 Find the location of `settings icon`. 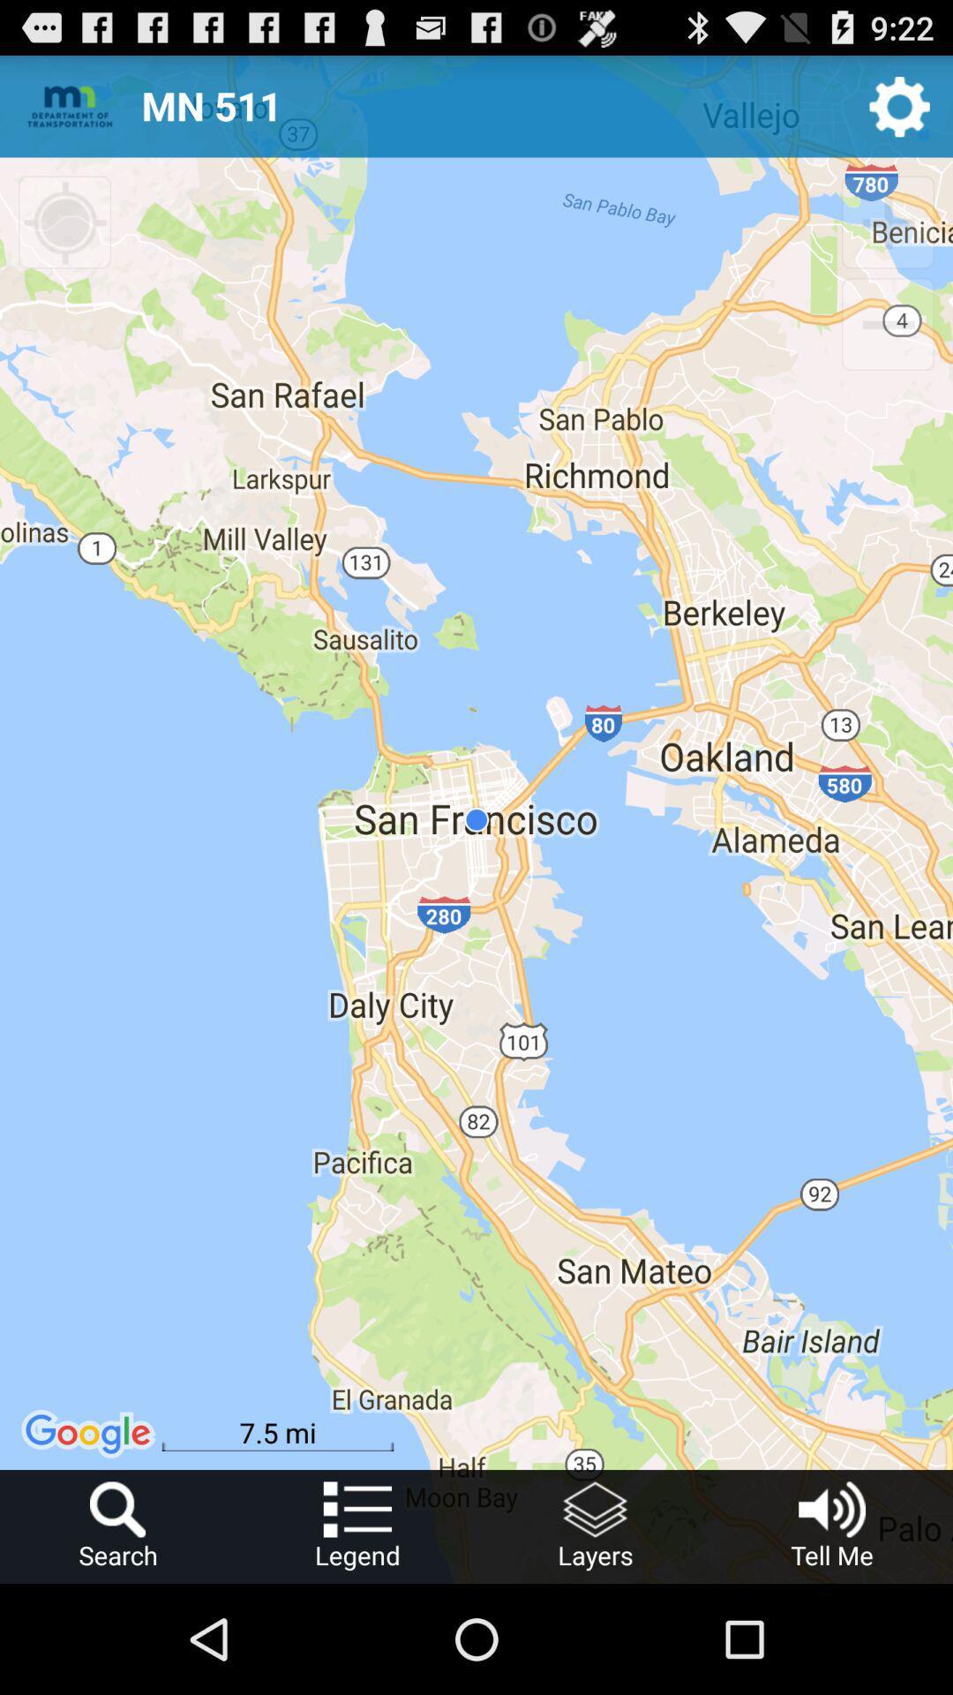

settings icon is located at coordinates (899, 105).